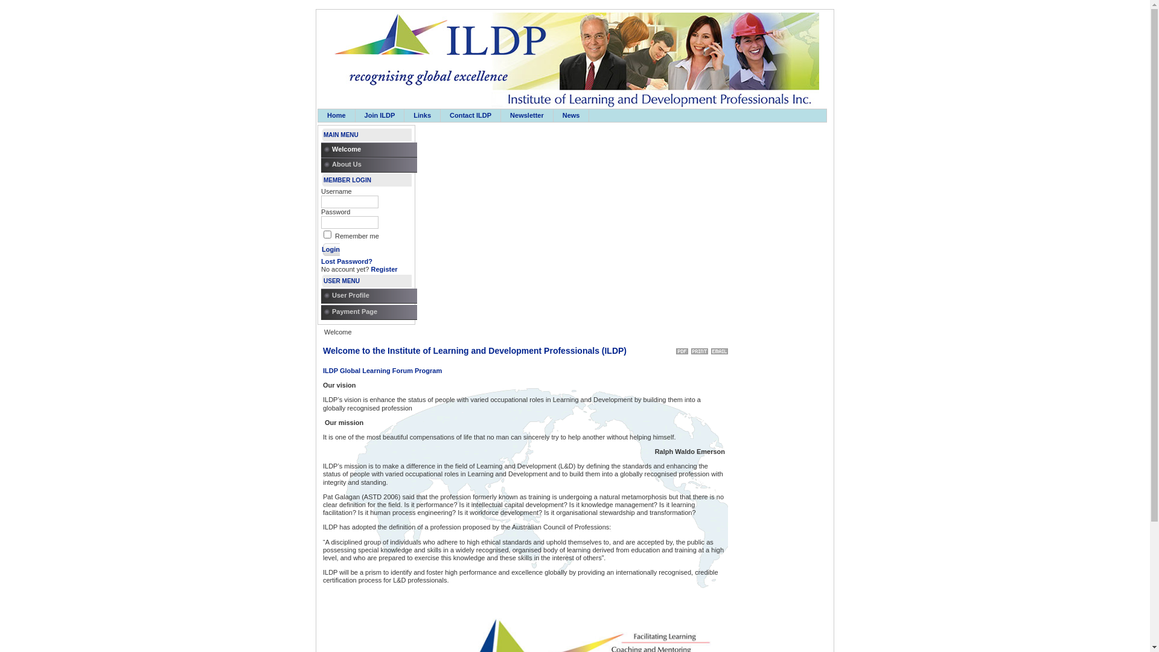  Describe the element at coordinates (379, 115) in the screenshot. I see `'Join ILDP'` at that location.